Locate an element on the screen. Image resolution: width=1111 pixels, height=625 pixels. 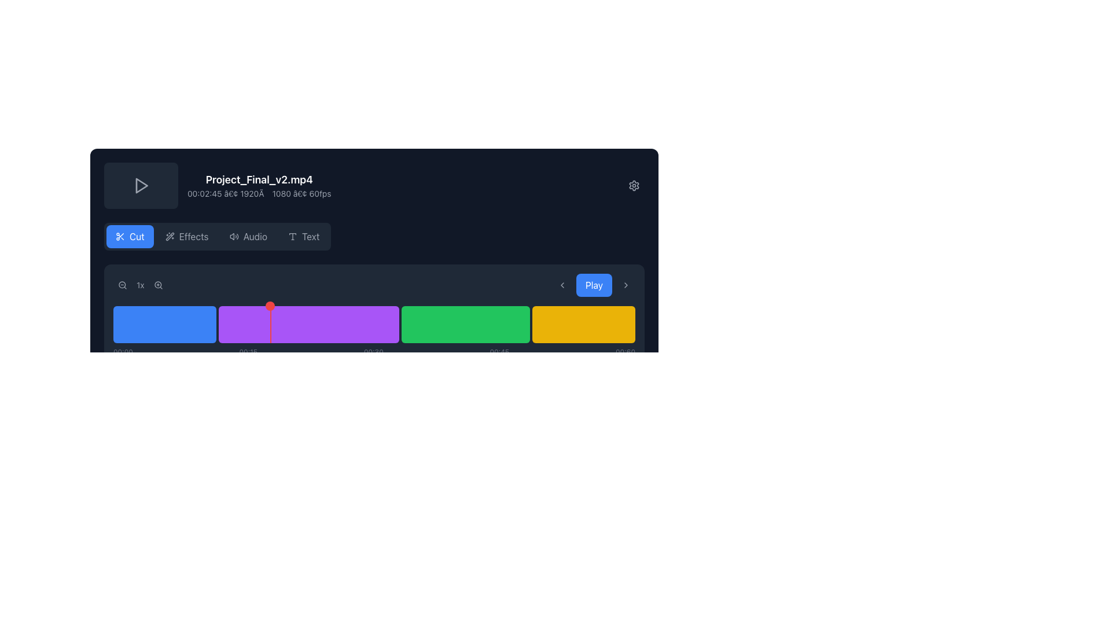
the gear icon located at the top right corner of the interface is located at coordinates (633, 185).